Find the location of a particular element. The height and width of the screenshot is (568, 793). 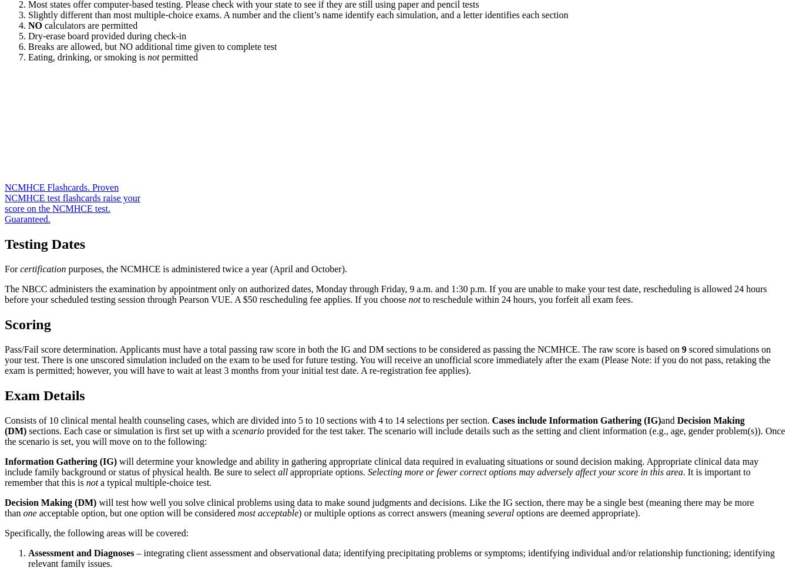

'purposes, the NCMHCE is administered twice a year (April and October).' is located at coordinates (206, 268).